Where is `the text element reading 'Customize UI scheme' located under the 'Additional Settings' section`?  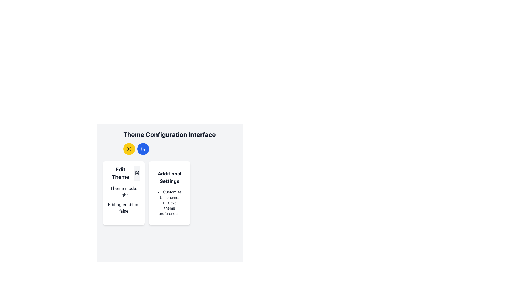 the text element reading 'Customize UI scheme' located under the 'Additional Settings' section is located at coordinates (169, 195).